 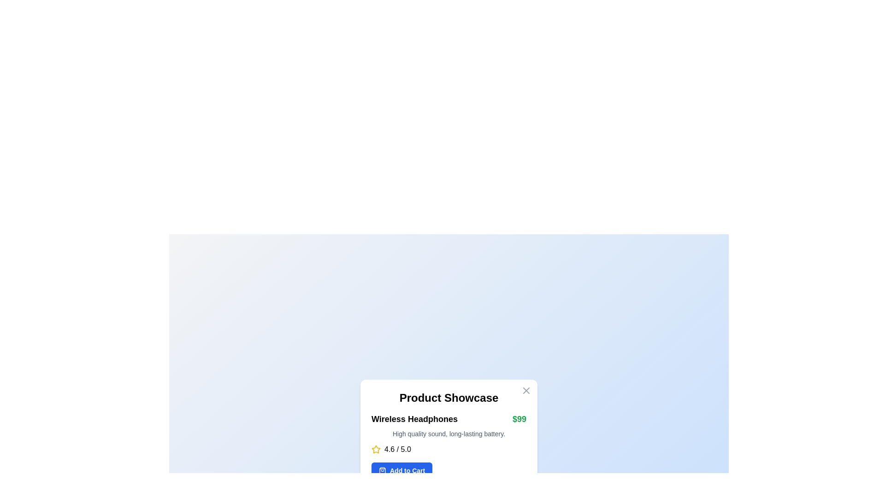 I want to click on the 'X' icon in the top-right corner of the white card, so click(x=526, y=390).